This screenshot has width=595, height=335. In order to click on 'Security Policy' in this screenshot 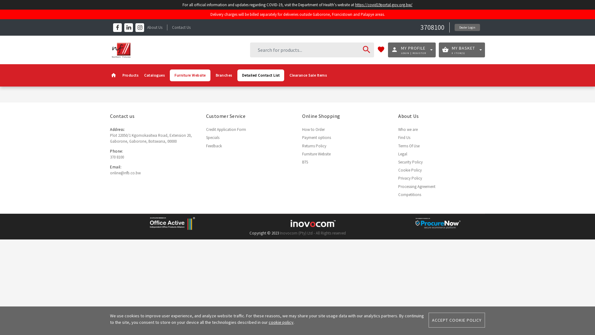, I will do `click(410, 162)`.